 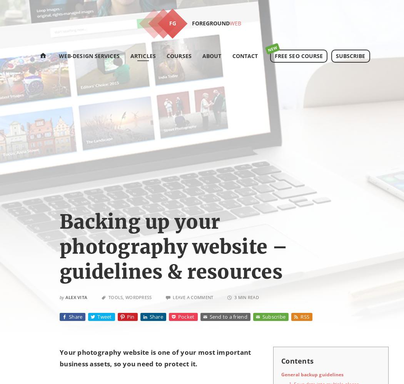 What do you see at coordinates (312, 374) in the screenshot?
I see `'General backup guidelines'` at bounding box center [312, 374].